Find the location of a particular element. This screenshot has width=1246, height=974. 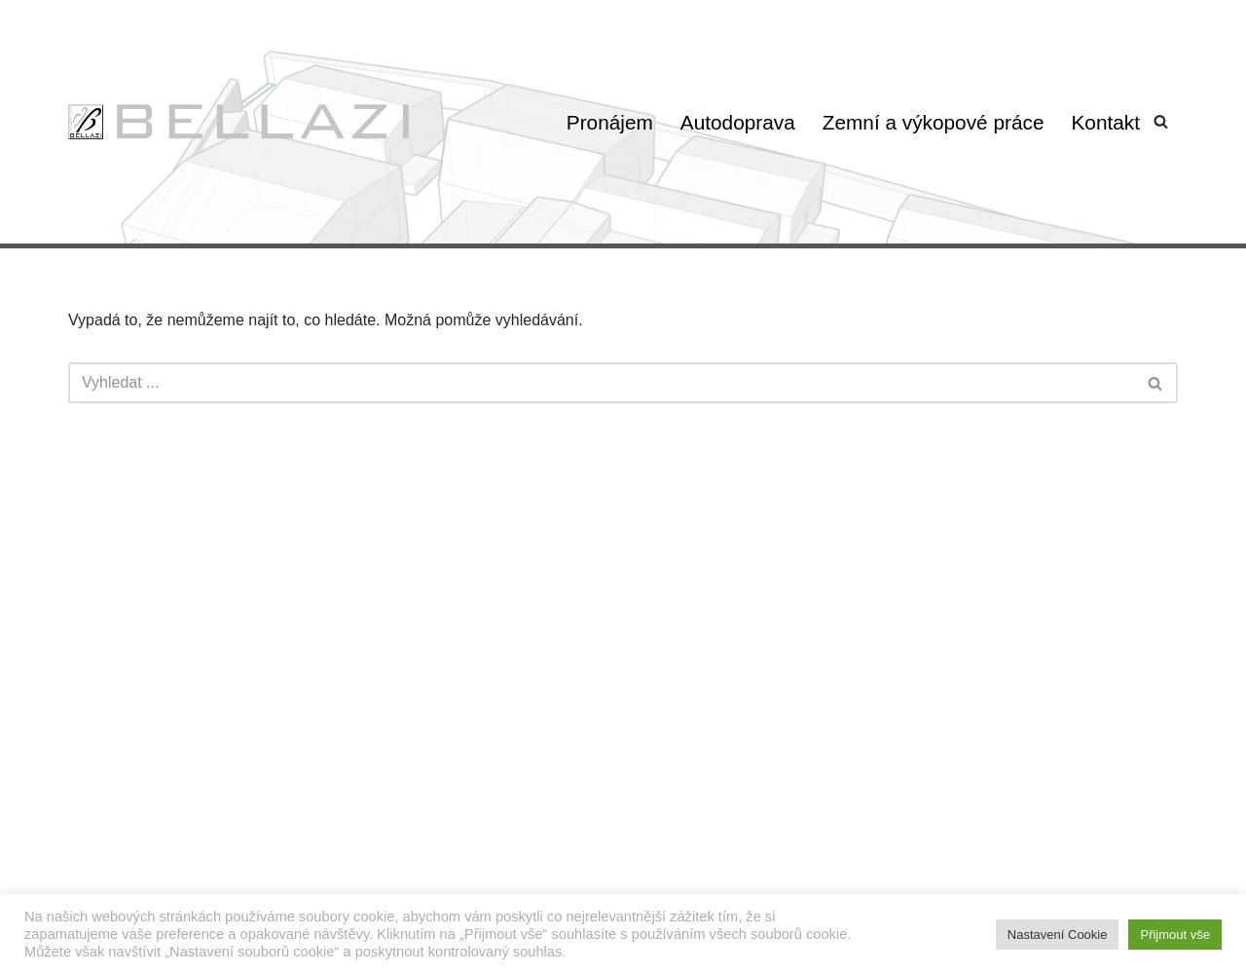

'Na našich webových stránkách používáme soubory cookie, abychom vám poskytli co nejrelevantnější zážitek tím, že si zapamatujeme vaše preference a opakované návštěvy. Kliknutím na „Přijmout vše“ souhlasíte s používáním všech souborů cookie. Můžete však navštívit „Nastavení souborů cookie“ a poskytnout kontrolovaný souhlas.' is located at coordinates (436, 933).